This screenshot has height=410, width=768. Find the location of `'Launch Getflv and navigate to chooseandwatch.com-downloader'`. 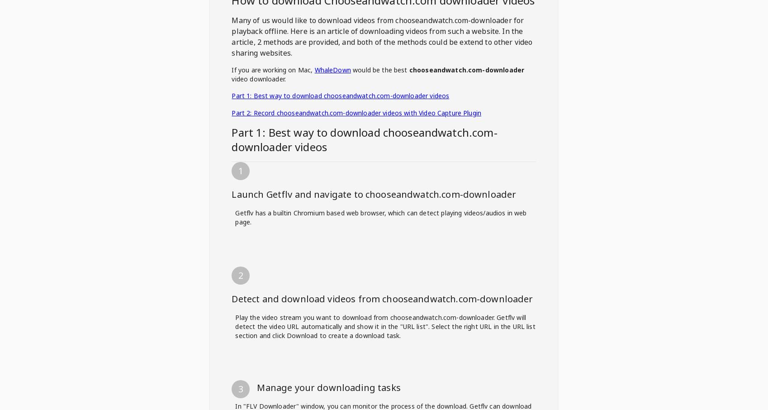

'Launch Getflv and navigate to chooseandwatch.com-downloader' is located at coordinates (373, 194).